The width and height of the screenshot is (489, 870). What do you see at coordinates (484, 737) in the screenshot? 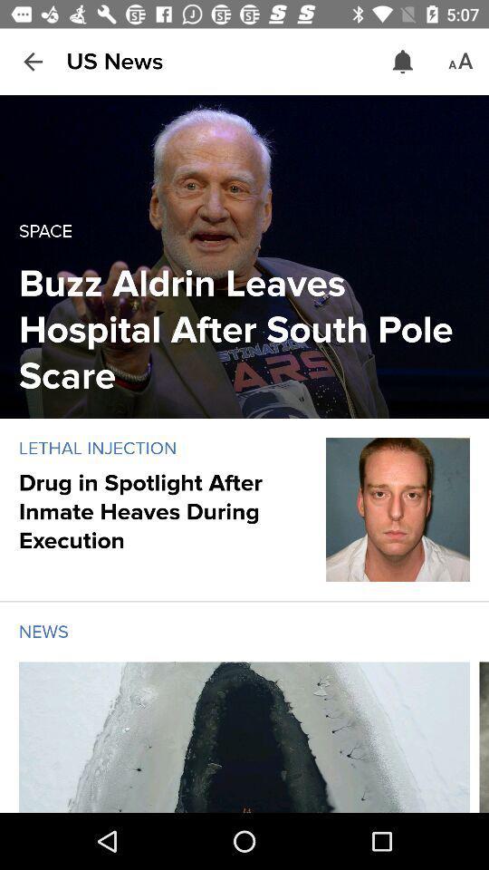
I see `scroll new article` at bounding box center [484, 737].